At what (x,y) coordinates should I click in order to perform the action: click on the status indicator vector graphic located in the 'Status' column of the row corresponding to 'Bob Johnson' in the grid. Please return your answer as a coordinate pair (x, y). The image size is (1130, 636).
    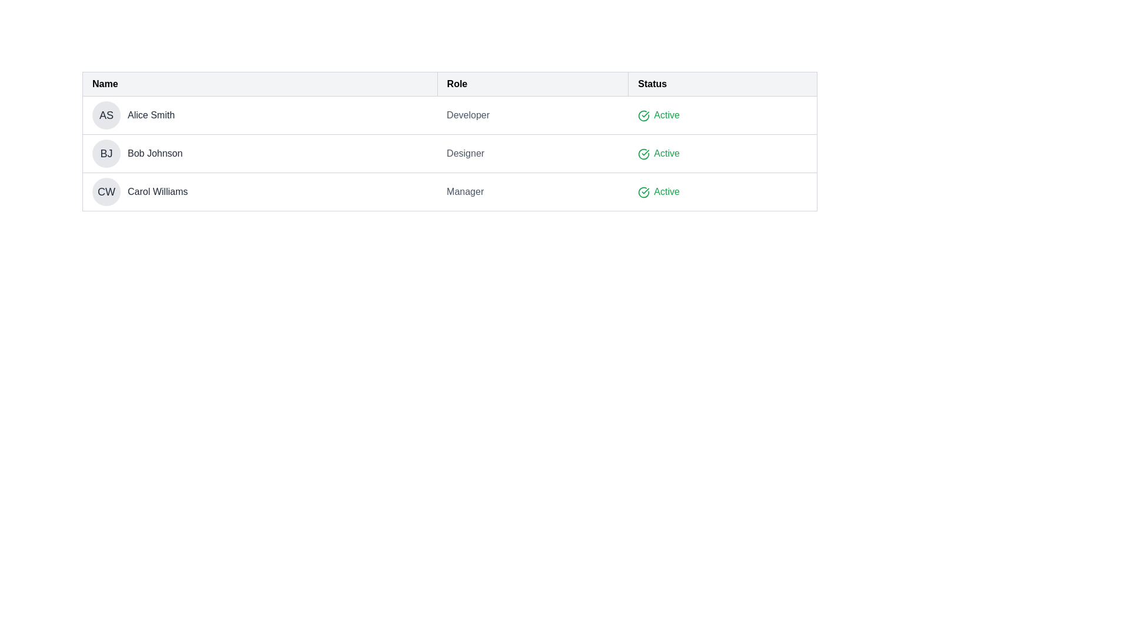
    Looking at the image, I should click on (643, 153).